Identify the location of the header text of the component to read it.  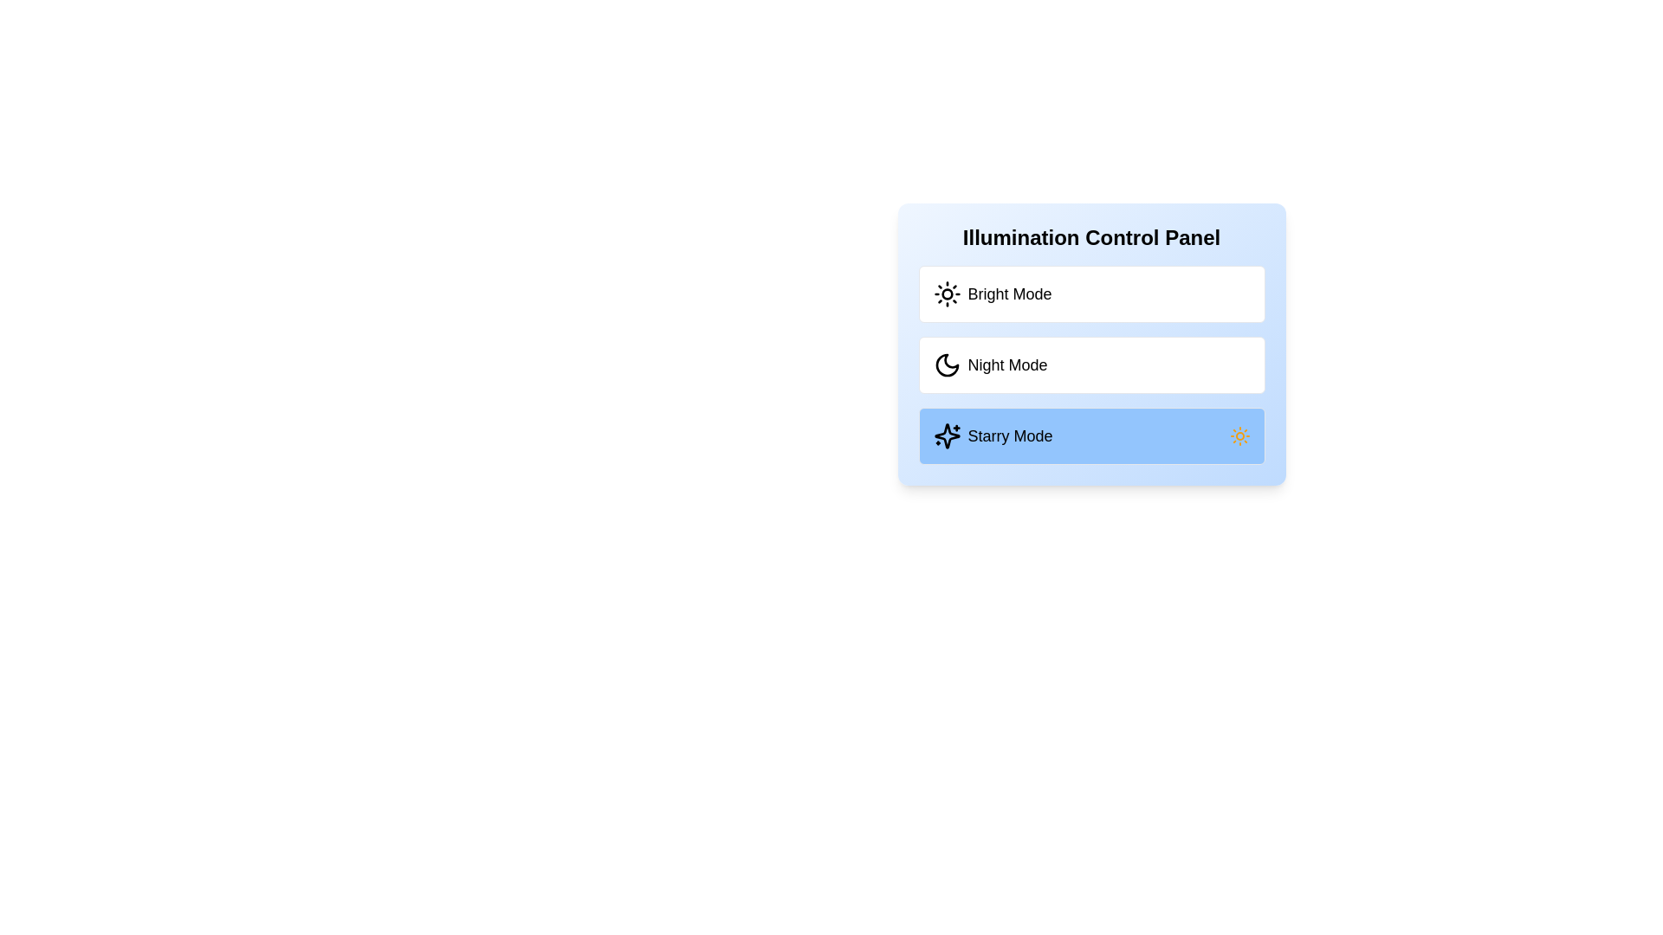
(1090, 237).